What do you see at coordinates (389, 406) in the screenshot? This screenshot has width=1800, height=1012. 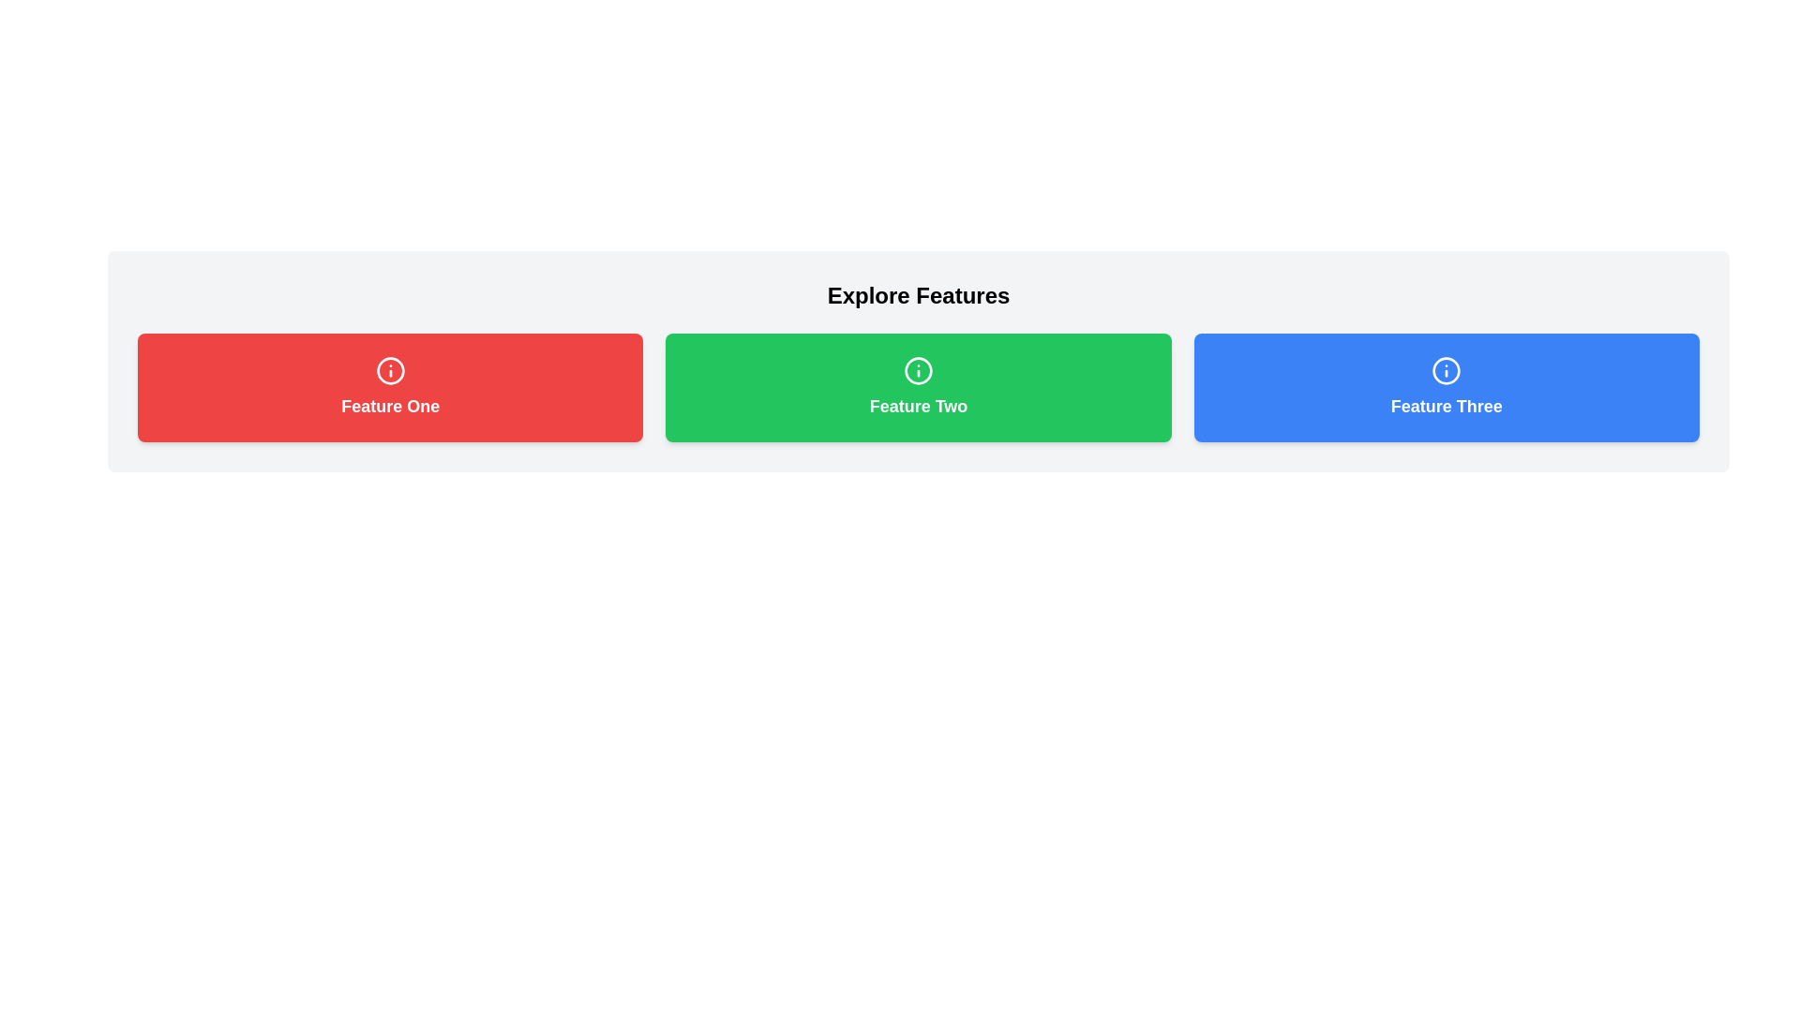 I see `centered text label 'Feature One' which is styled in bold white font on a vivid red background with rounded corners, located on the far left card below an icon` at bounding box center [389, 406].